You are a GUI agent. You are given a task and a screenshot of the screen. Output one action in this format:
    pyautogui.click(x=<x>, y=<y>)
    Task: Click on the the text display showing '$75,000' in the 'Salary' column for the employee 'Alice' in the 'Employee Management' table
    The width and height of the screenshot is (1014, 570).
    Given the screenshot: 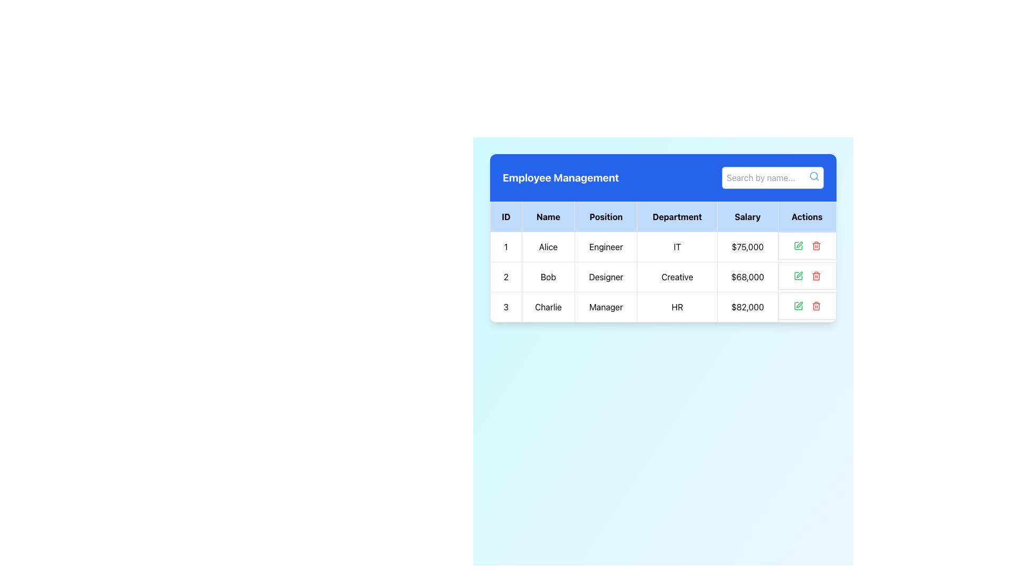 What is the action you would take?
    pyautogui.click(x=747, y=246)
    